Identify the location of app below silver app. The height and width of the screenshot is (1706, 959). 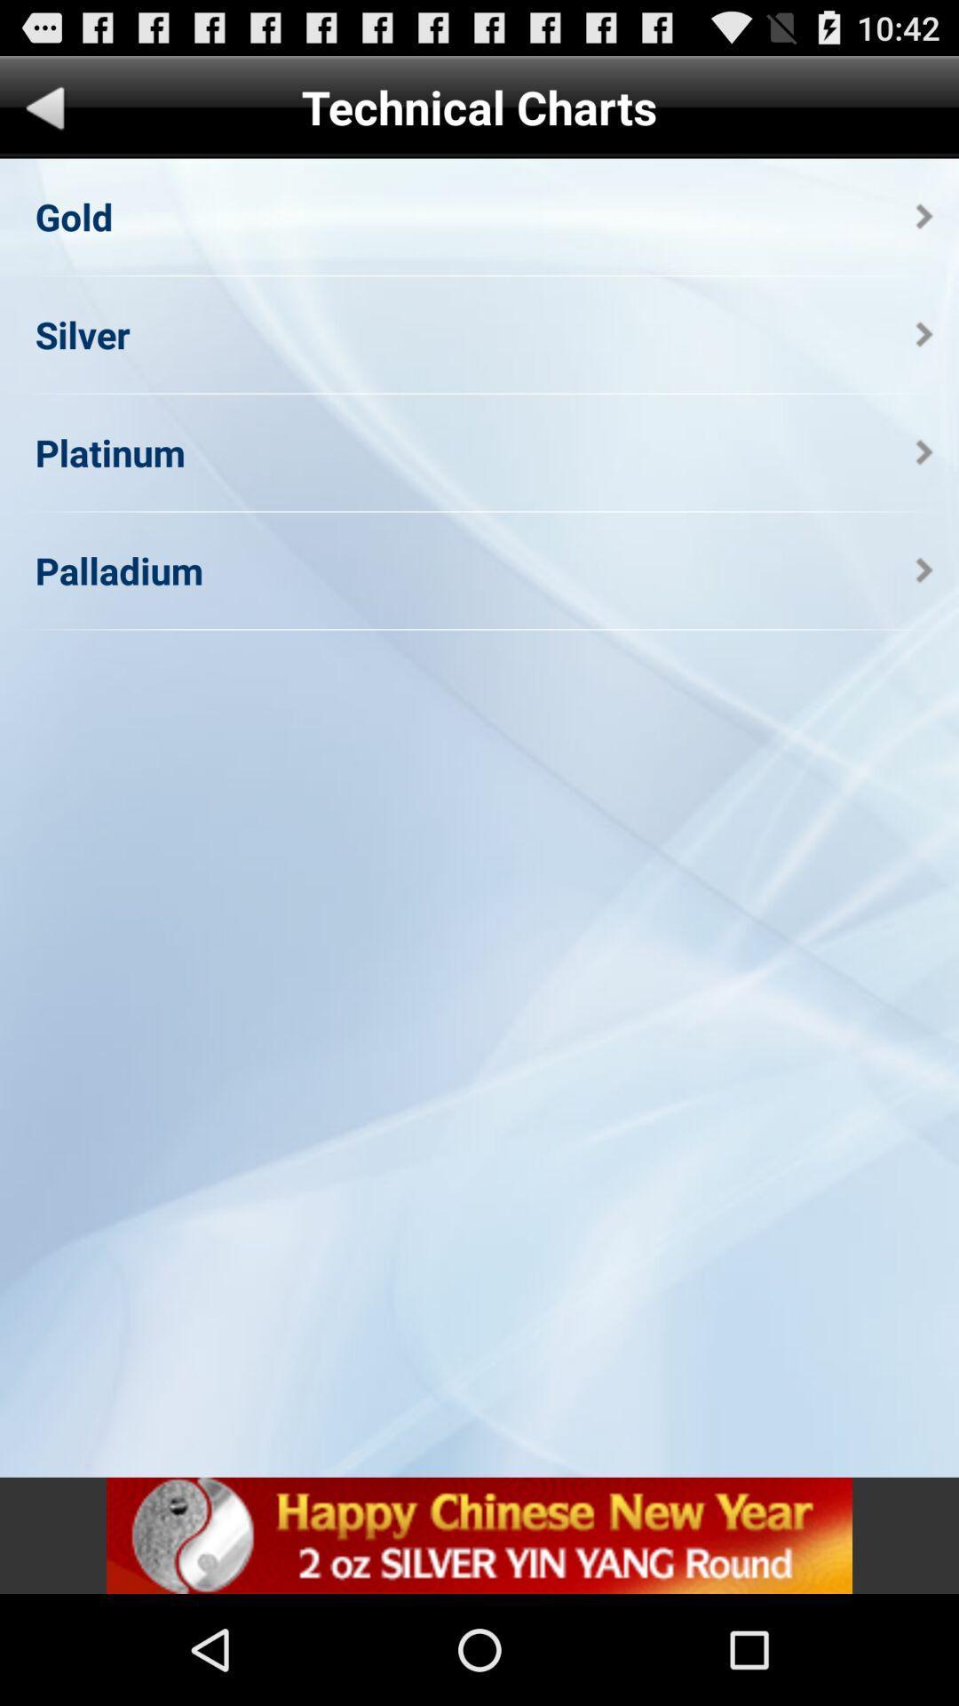
(110, 452).